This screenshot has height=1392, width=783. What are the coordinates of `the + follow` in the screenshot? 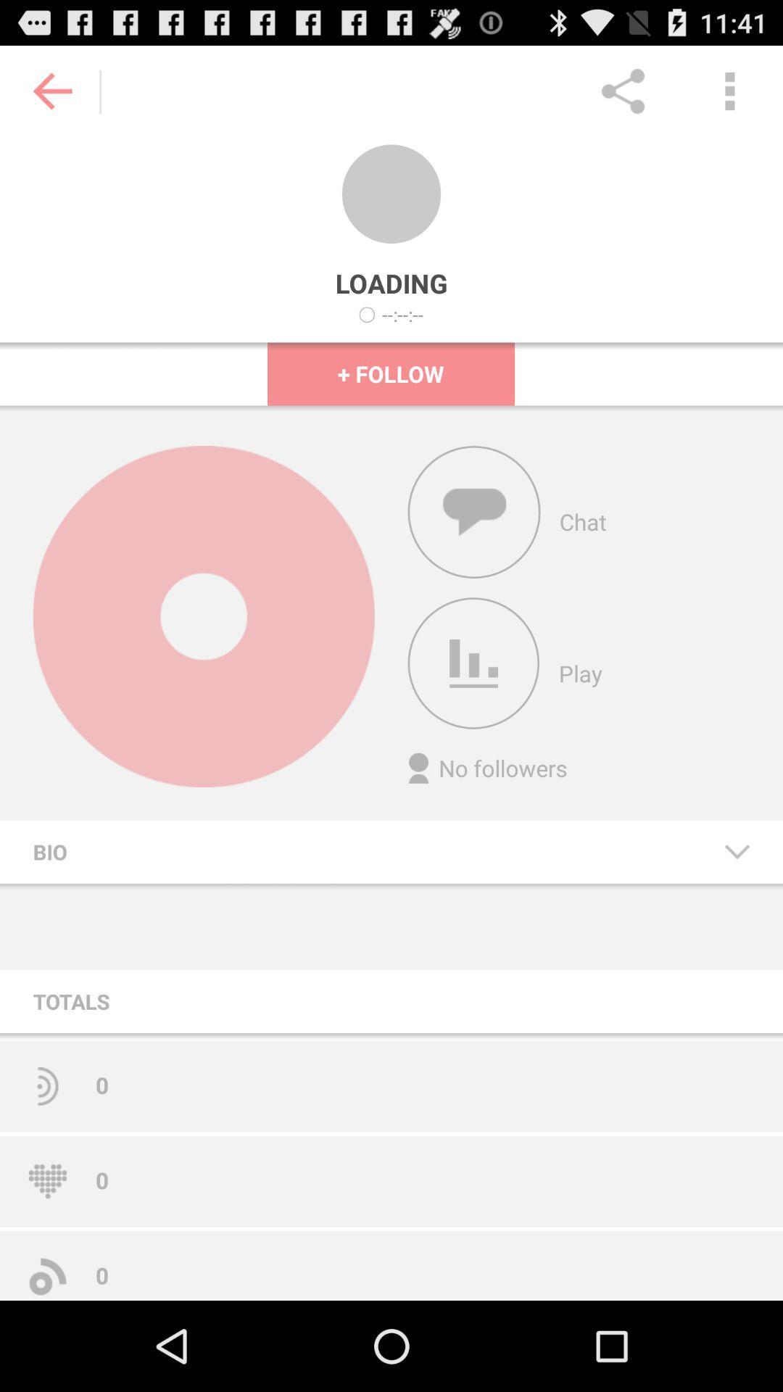 It's located at (390, 373).